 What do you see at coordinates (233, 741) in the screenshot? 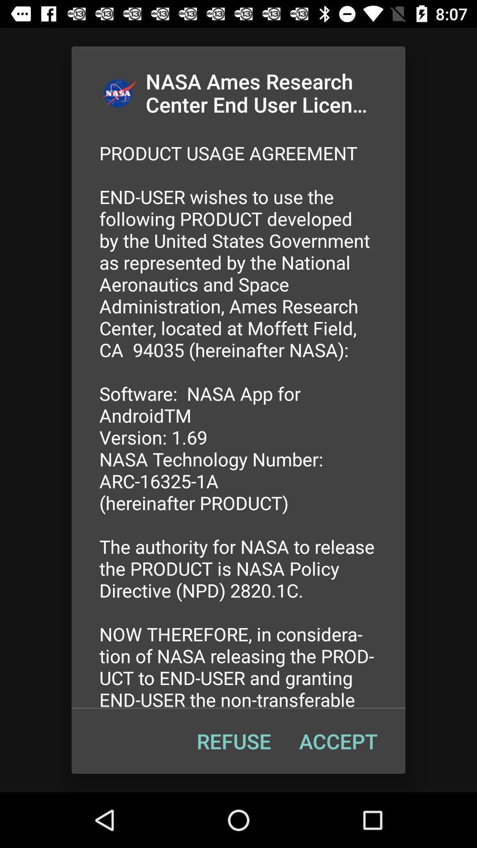
I see `item below the product usage agreement` at bounding box center [233, 741].